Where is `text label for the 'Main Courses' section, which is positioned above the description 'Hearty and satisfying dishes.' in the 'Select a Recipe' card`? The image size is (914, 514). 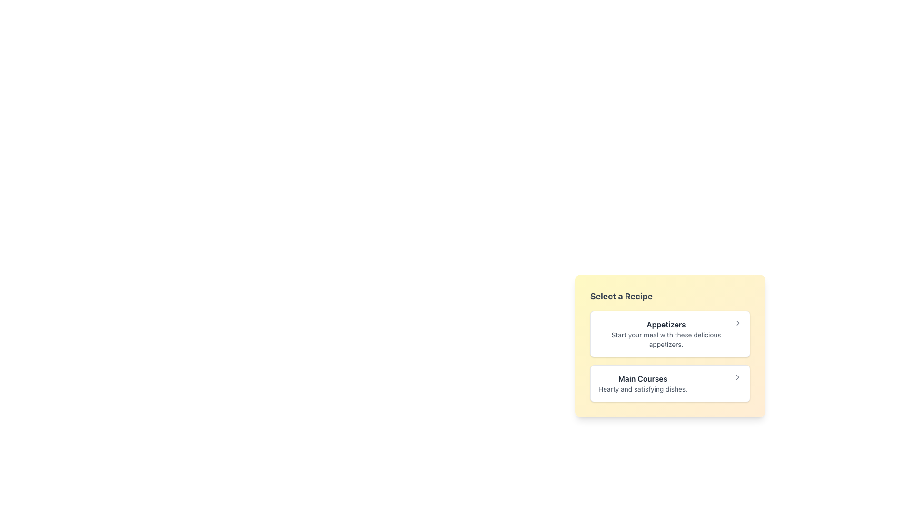
text label for the 'Main Courses' section, which is positioned above the description 'Hearty and satisfying dishes.' in the 'Select a Recipe' card is located at coordinates (643, 378).